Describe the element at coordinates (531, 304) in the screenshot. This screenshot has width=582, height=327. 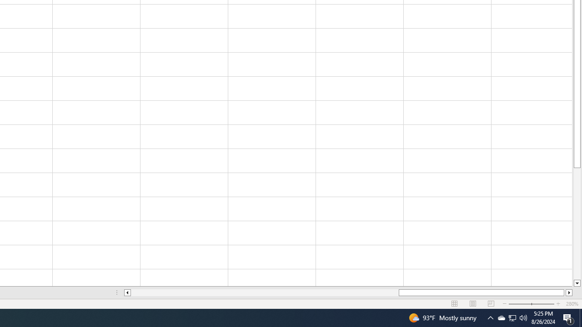
I see `'Zoom'` at that location.